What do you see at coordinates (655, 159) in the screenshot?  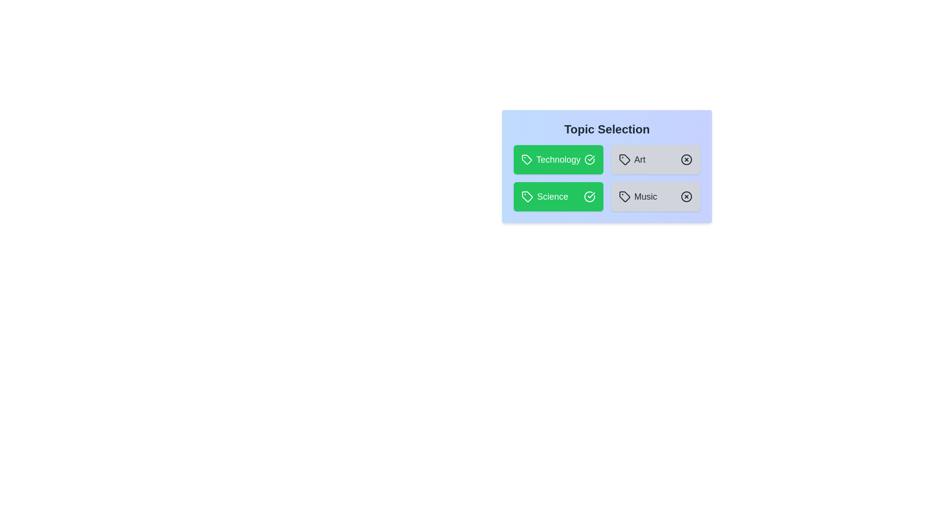 I see `the topic Art` at bounding box center [655, 159].